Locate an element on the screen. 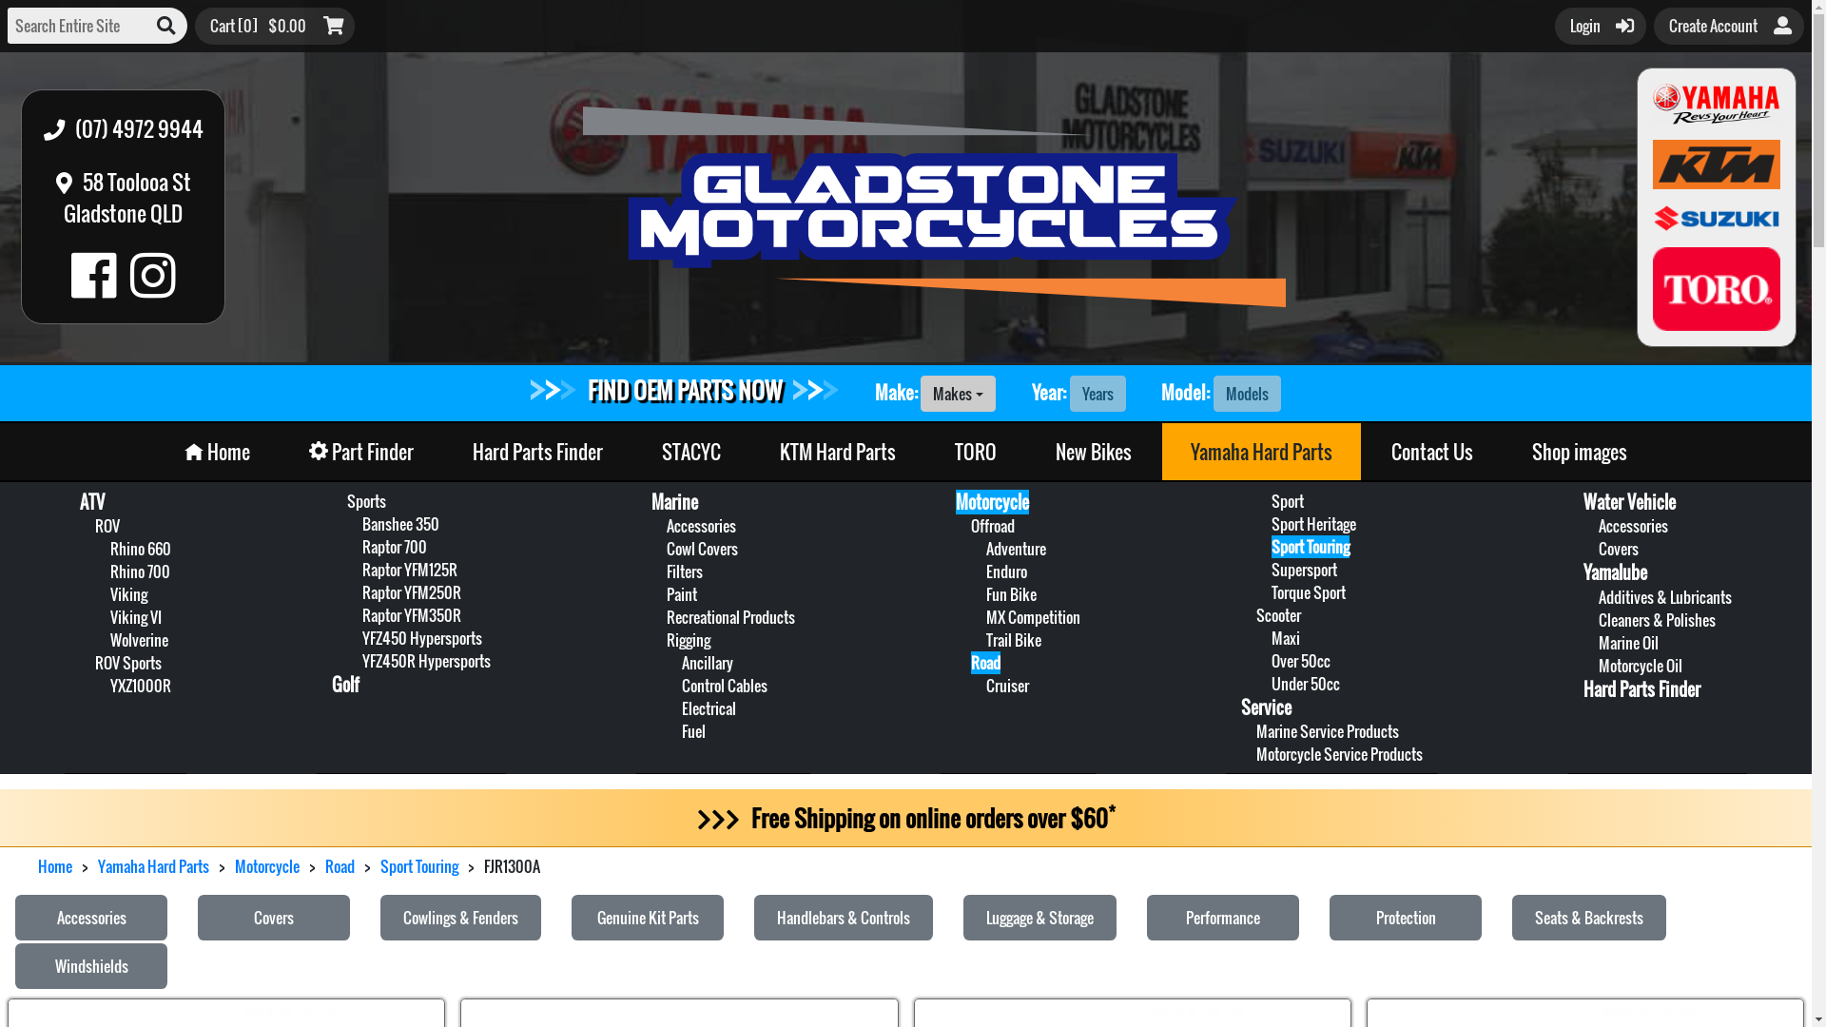 This screenshot has height=1027, width=1826. 'Recreational Products' is located at coordinates (729, 616).